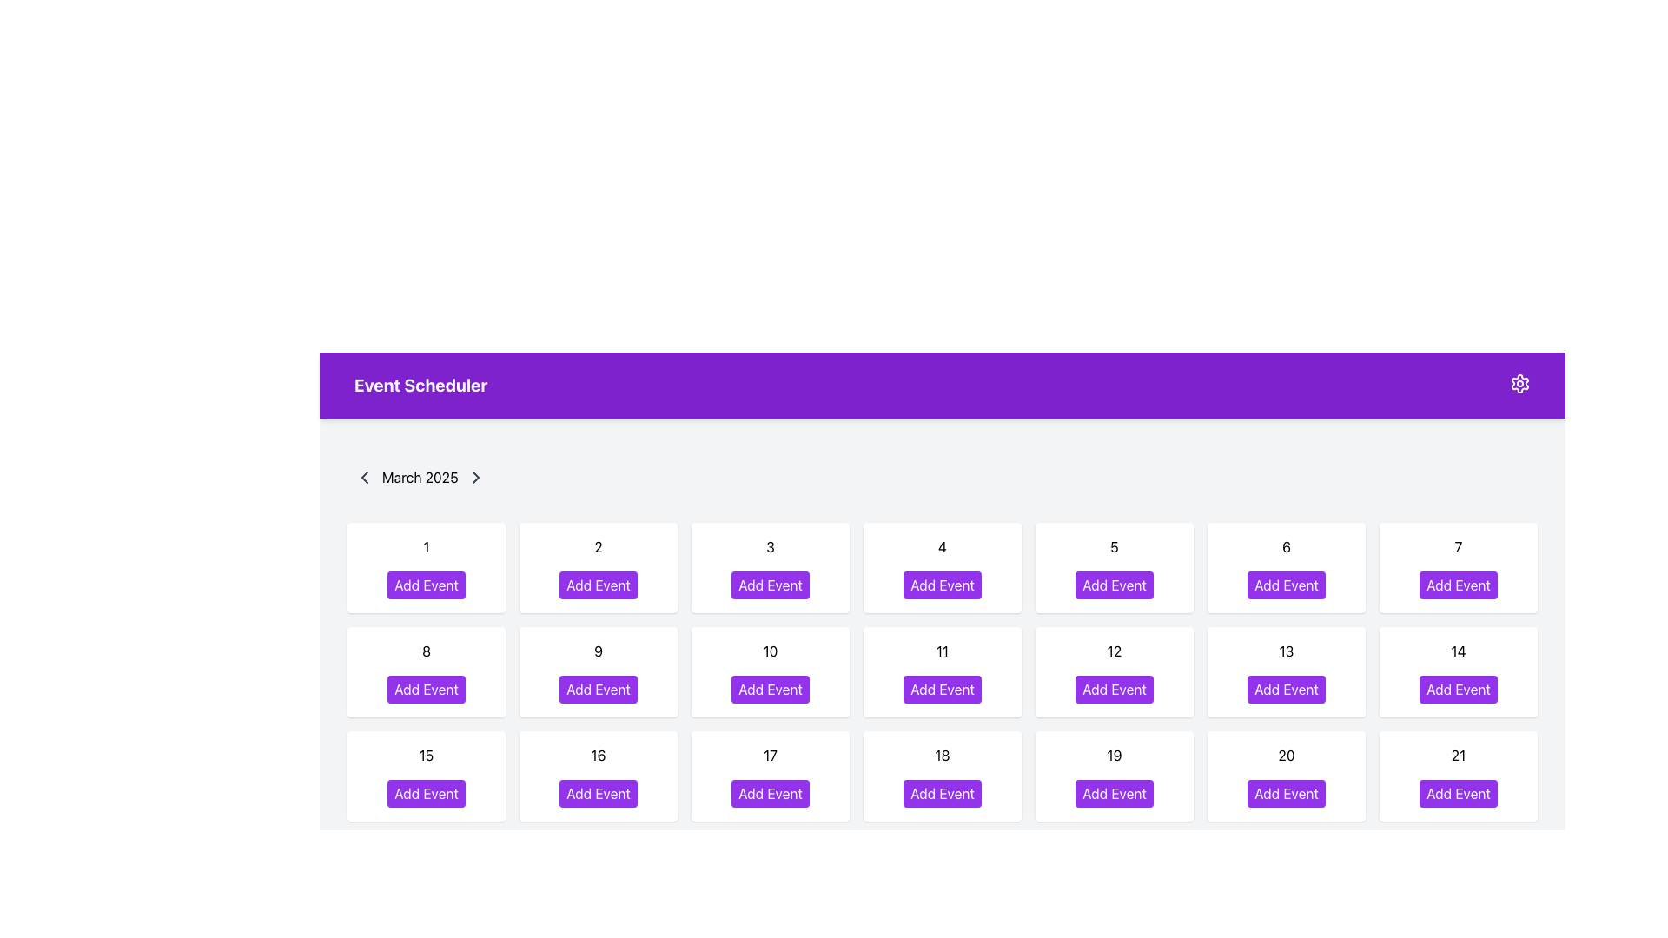 Image resolution: width=1668 pixels, height=938 pixels. Describe the element at coordinates (364, 478) in the screenshot. I see `the navigation icon button located to the left of the 'March 2025' label` at that location.